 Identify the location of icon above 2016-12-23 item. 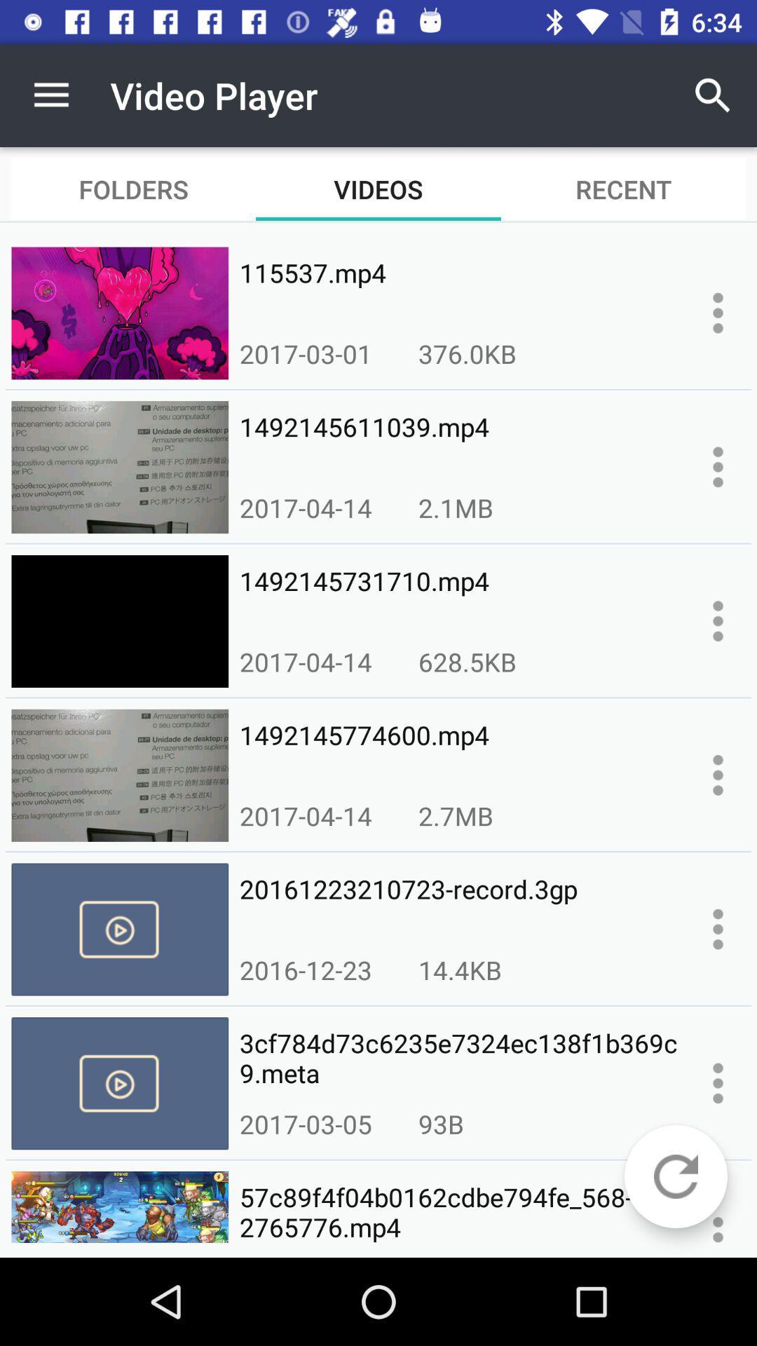
(459, 904).